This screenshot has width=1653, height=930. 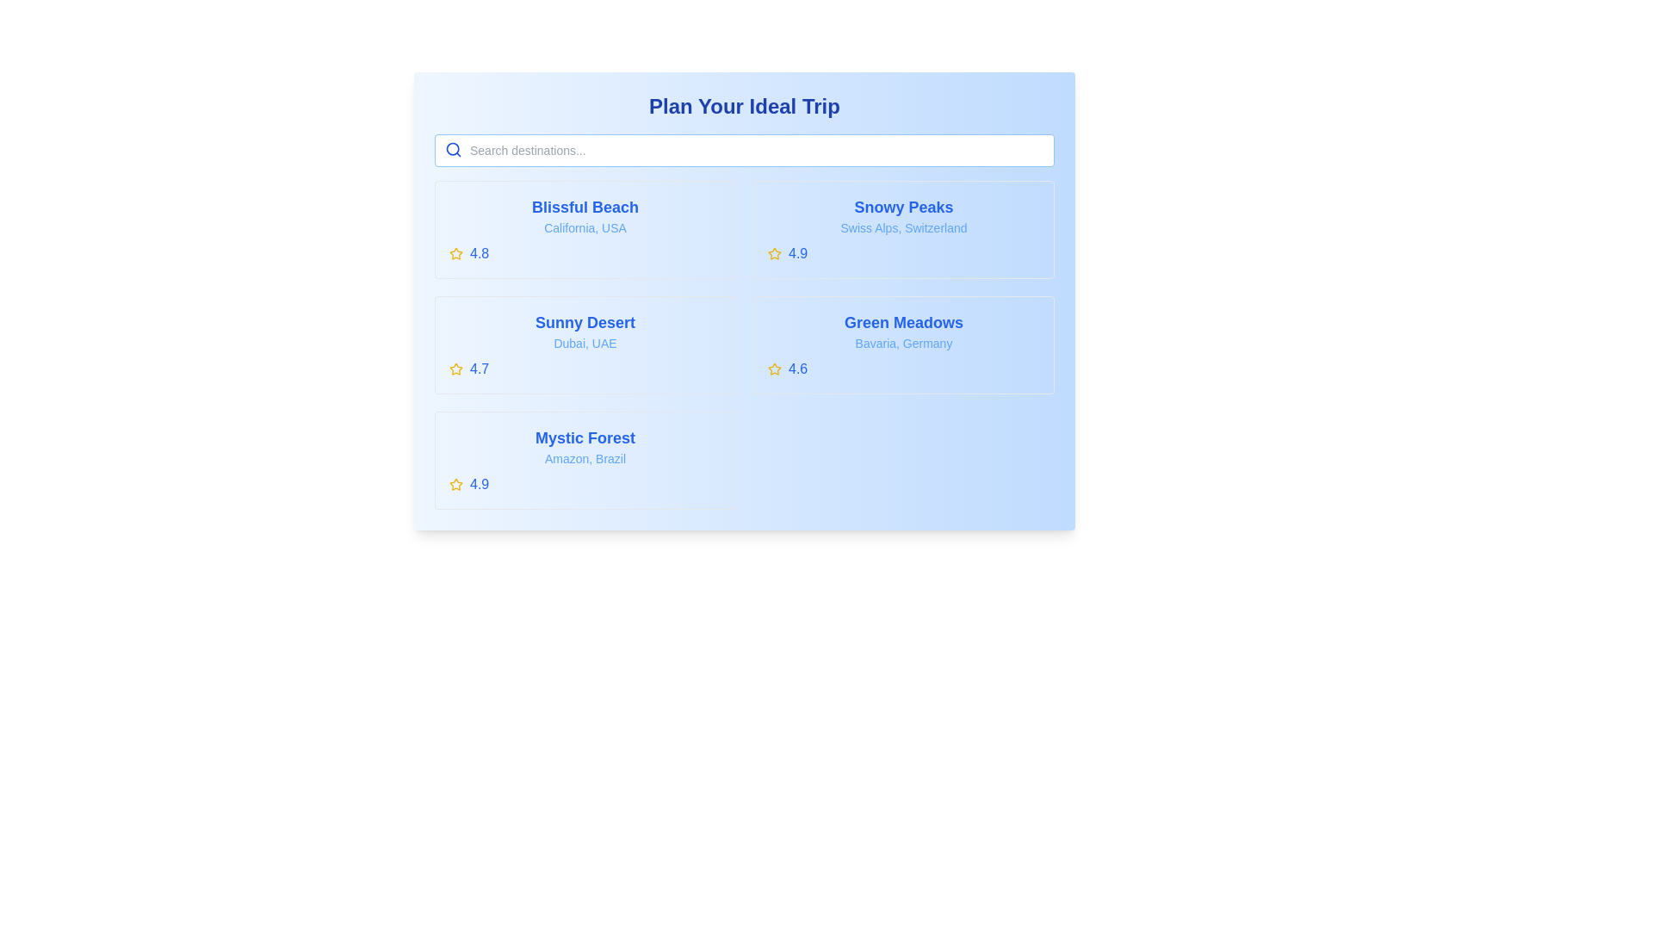 What do you see at coordinates (903, 343) in the screenshot?
I see `the Text label that provides location description for the associated item, positioned below the title 'Green Meadows'` at bounding box center [903, 343].